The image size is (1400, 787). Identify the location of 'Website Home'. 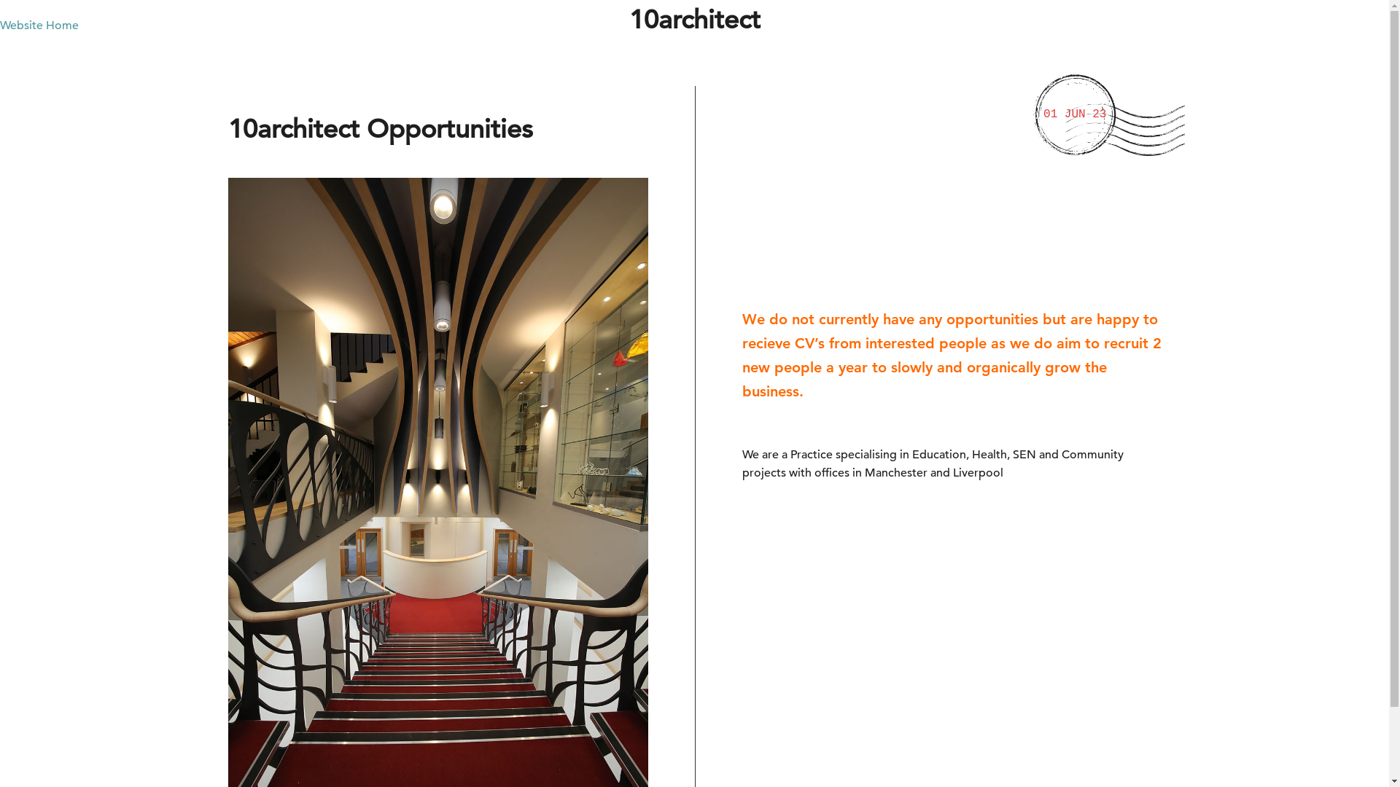
(39, 25).